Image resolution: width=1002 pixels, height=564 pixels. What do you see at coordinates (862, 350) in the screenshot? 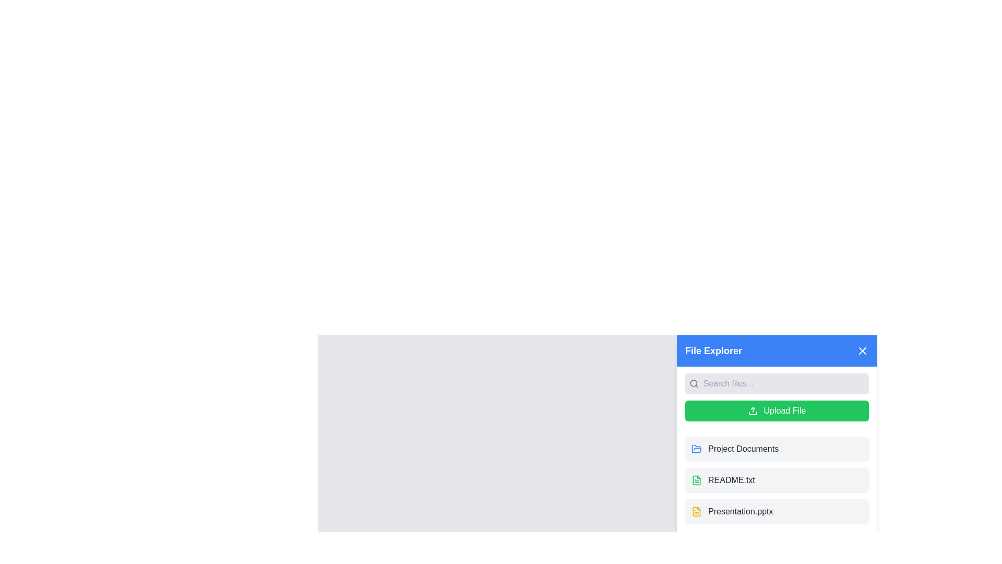
I see `the close icon resembling a diagonal cross mark located in the upper-right corner of the 'File Explorer' box` at bounding box center [862, 350].